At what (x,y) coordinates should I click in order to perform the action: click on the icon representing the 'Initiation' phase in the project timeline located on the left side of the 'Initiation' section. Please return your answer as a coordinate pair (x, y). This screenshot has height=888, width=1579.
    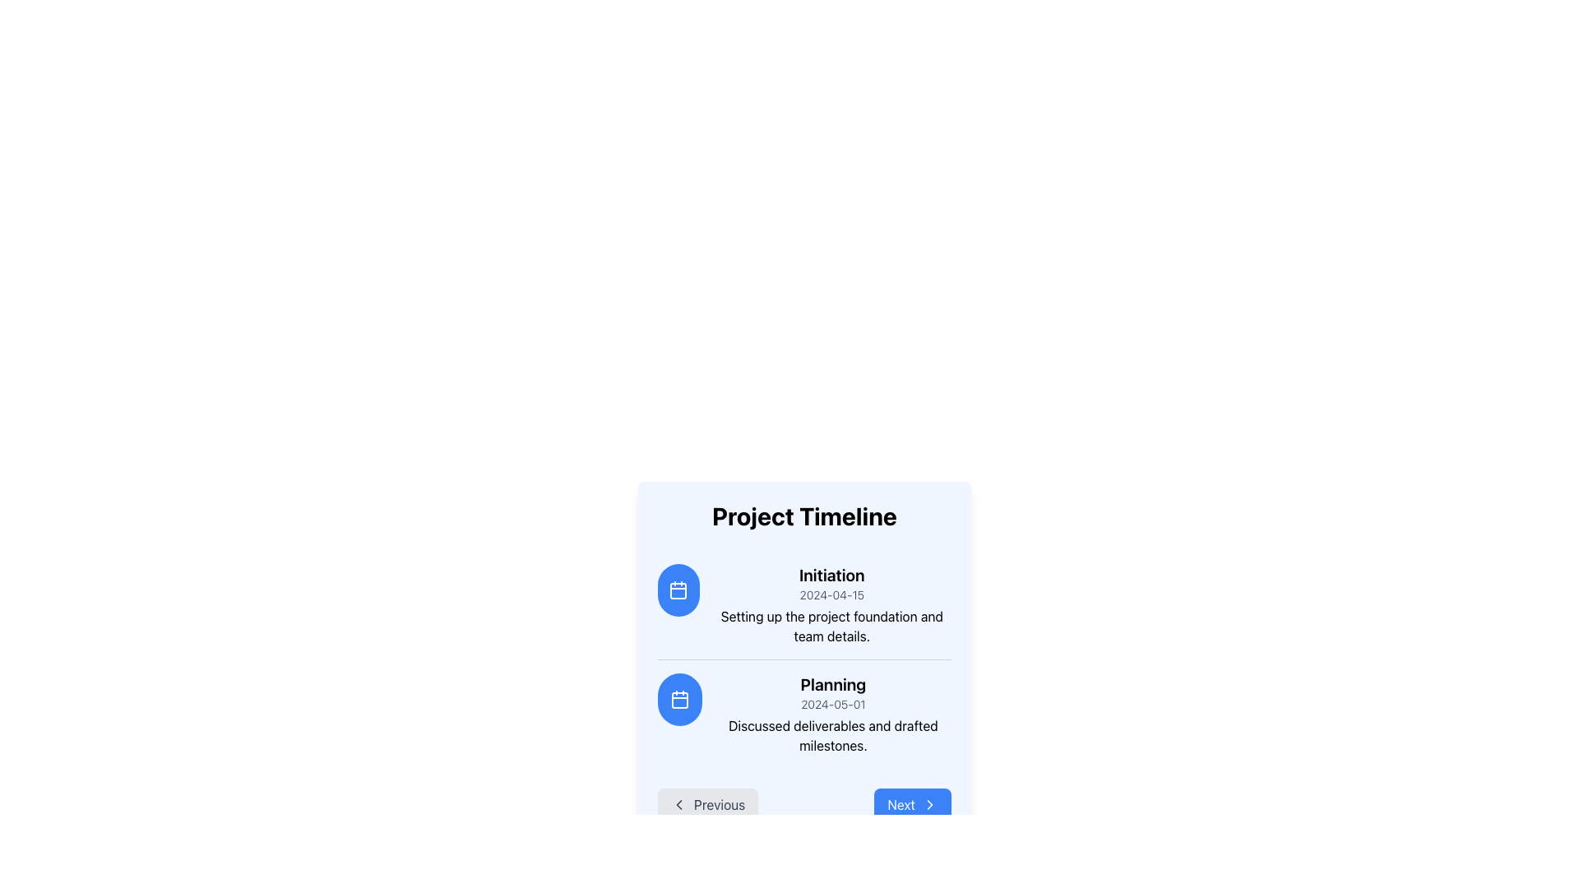
    Looking at the image, I should click on (678, 589).